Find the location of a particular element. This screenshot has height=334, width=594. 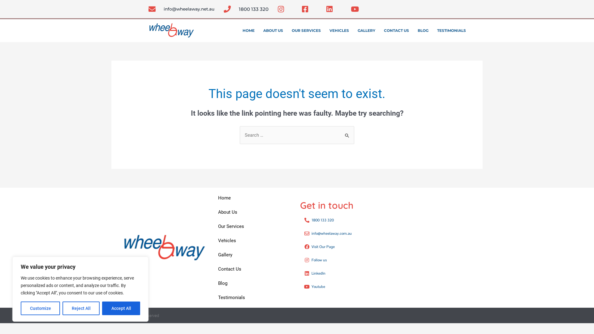

'Contact Us' is located at coordinates (212, 269).